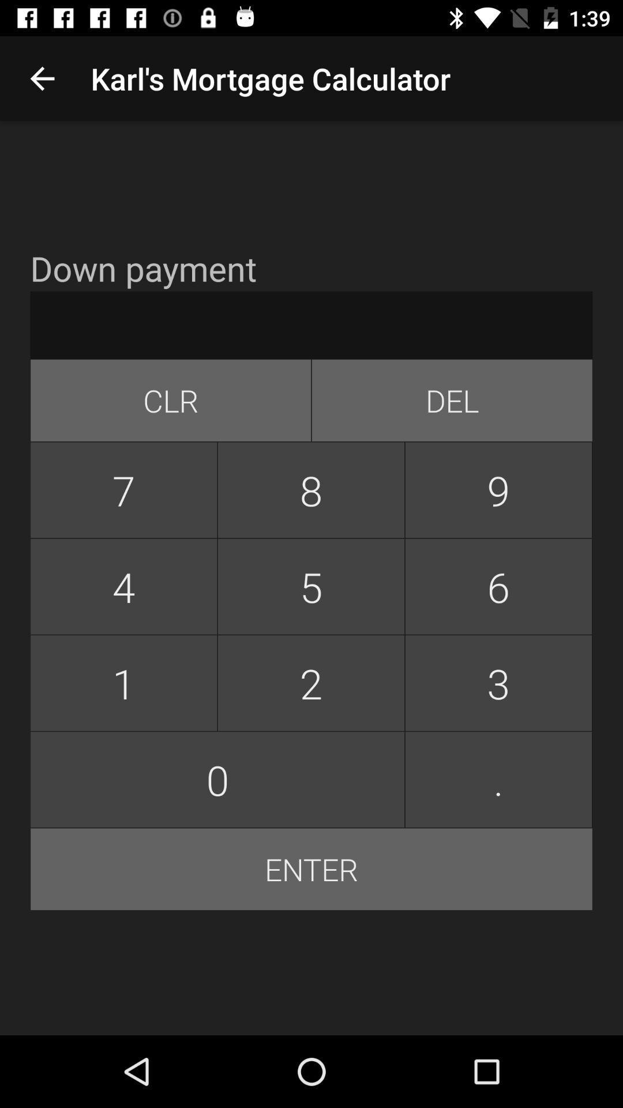  What do you see at coordinates (310, 683) in the screenshot?
I see `the 2` at bounding box center [310, 683].